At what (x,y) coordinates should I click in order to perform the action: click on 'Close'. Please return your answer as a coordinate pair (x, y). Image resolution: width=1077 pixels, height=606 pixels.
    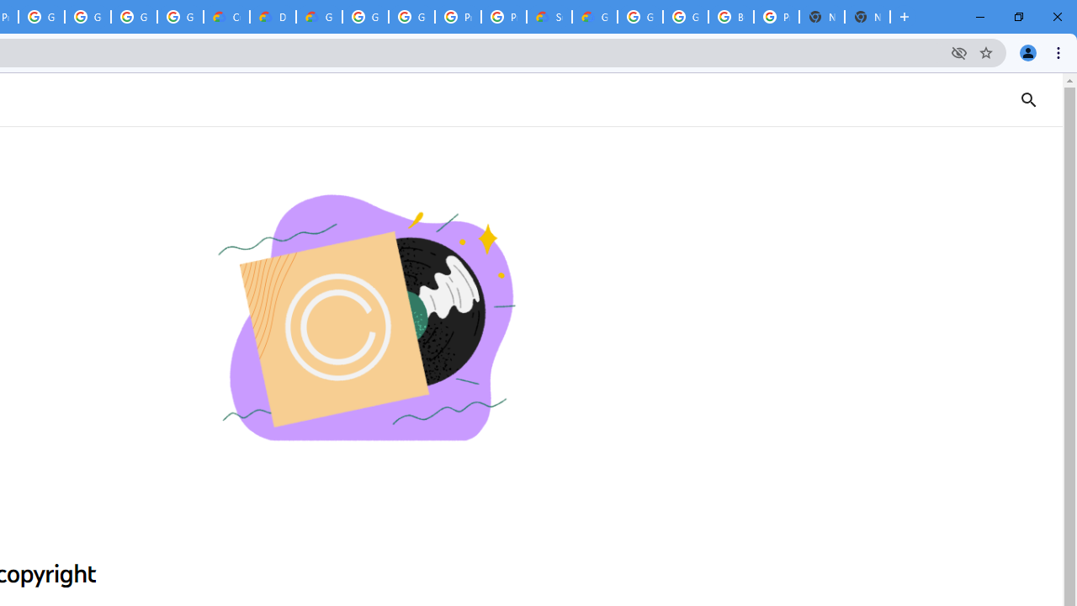
    Looking at the image, I should click on (1056, 17).